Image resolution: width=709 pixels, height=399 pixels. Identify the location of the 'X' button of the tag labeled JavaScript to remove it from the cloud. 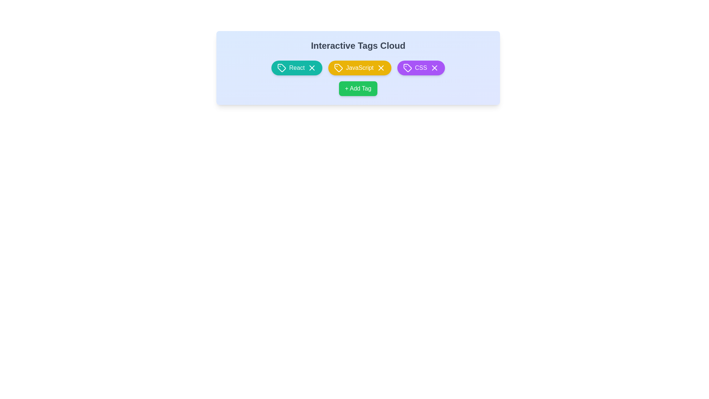
(381, 68).